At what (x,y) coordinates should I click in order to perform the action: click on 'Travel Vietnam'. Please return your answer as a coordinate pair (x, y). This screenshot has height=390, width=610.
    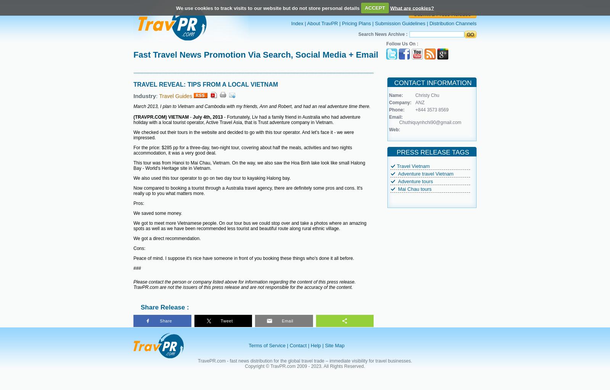
    Looking at the image, I should click on (413, 166).